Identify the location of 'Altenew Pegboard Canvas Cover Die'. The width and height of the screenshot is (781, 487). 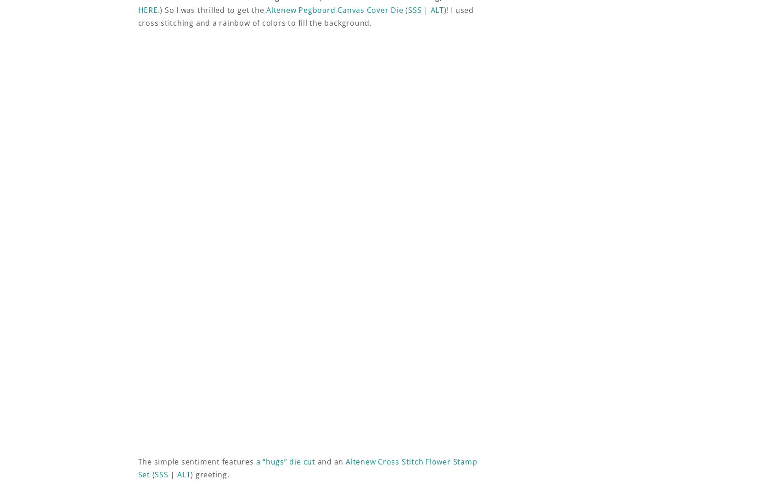
(335, 10).